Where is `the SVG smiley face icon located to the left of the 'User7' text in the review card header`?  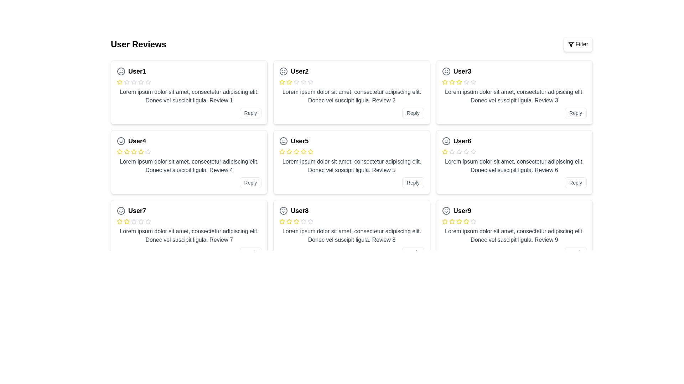
the SVG smiley face icon located to the left of the 'User7' text in the review card header is located at coordinates (121, 210).